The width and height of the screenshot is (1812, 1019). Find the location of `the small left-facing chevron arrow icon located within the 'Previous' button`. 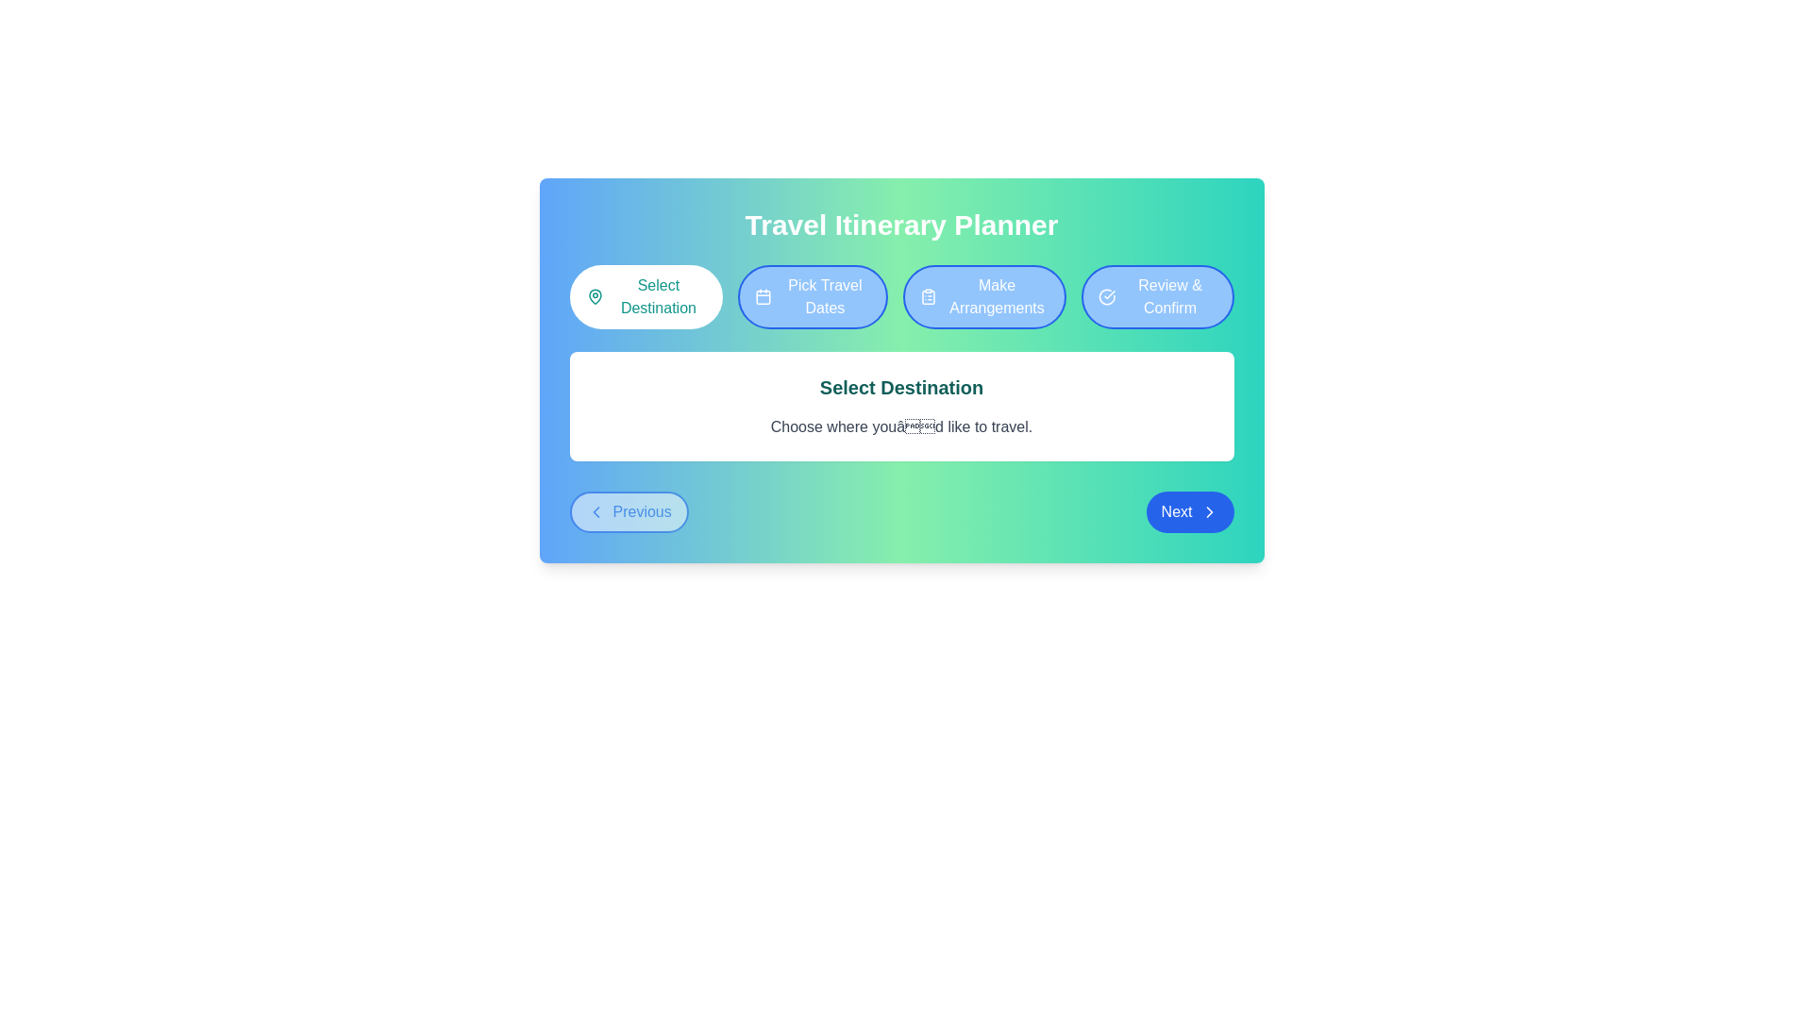

the small left-facing chevron arrow icon located within the 'Previous' button is located at coordinates (595, 512).